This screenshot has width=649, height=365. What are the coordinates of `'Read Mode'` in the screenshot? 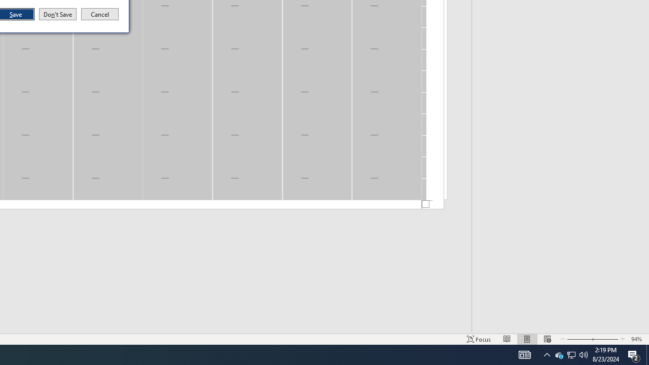 It's located at (507, 339).